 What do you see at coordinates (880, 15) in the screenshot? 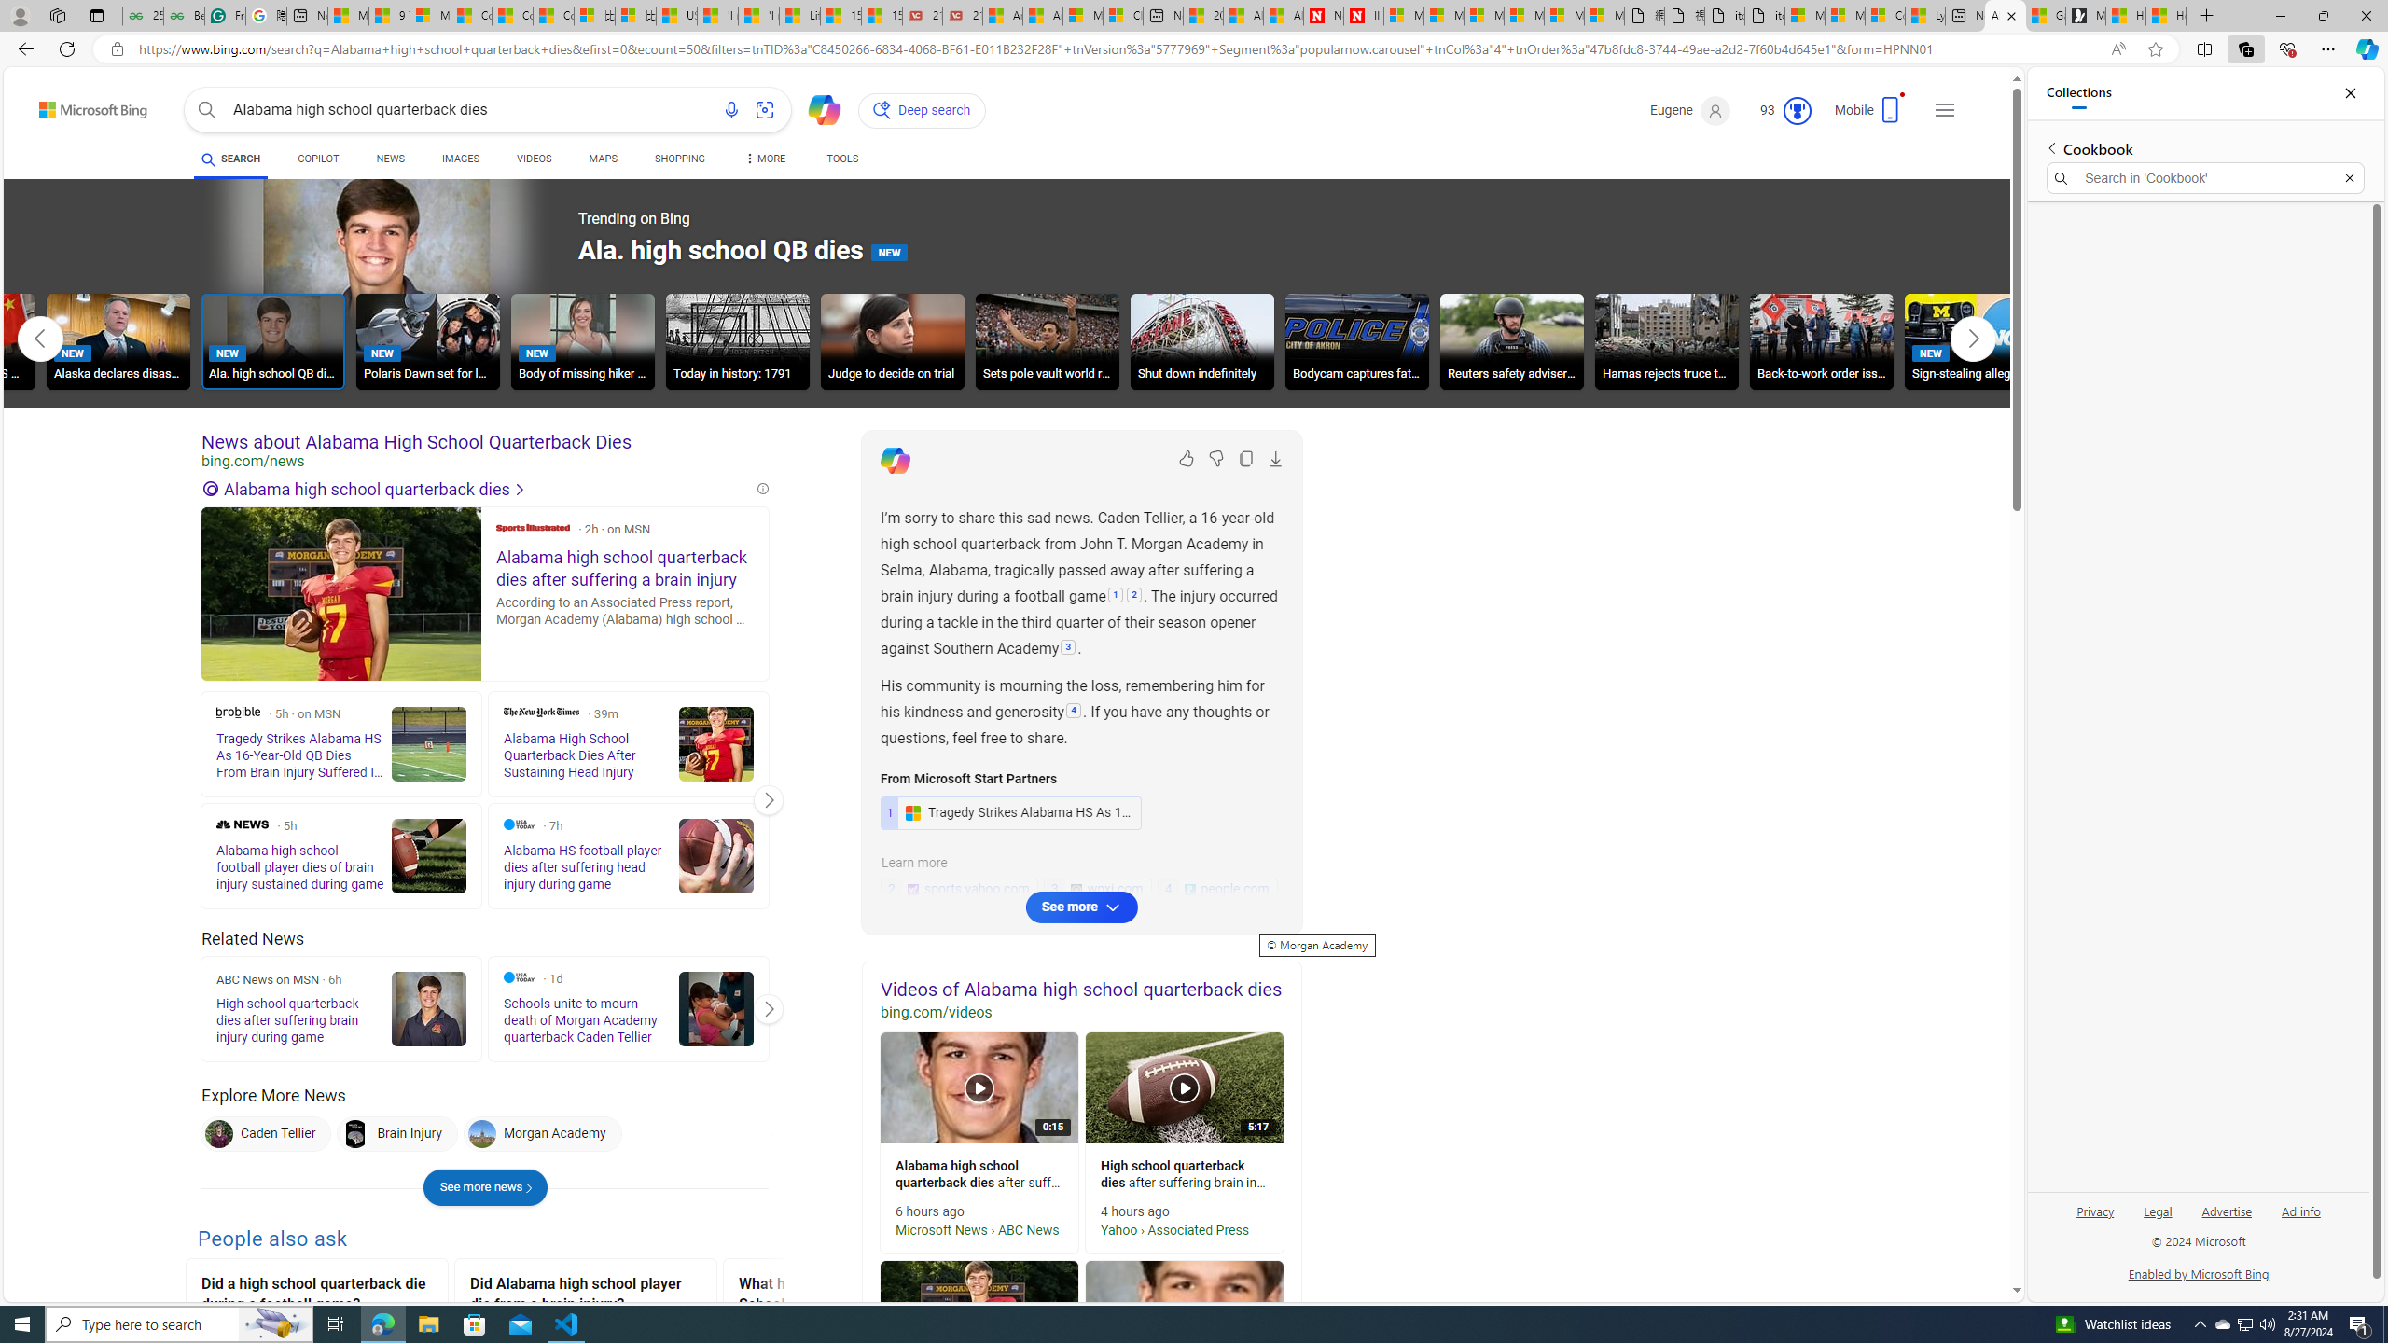
I see `'15 Ways Modern Life Contradicts the Teachings of Jesus'` at bounding box center [880, 15].